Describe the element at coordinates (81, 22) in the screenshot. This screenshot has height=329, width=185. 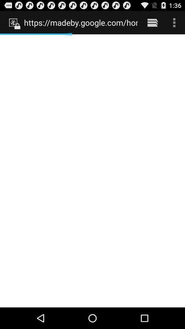
I see `the https madeby google` at that location.